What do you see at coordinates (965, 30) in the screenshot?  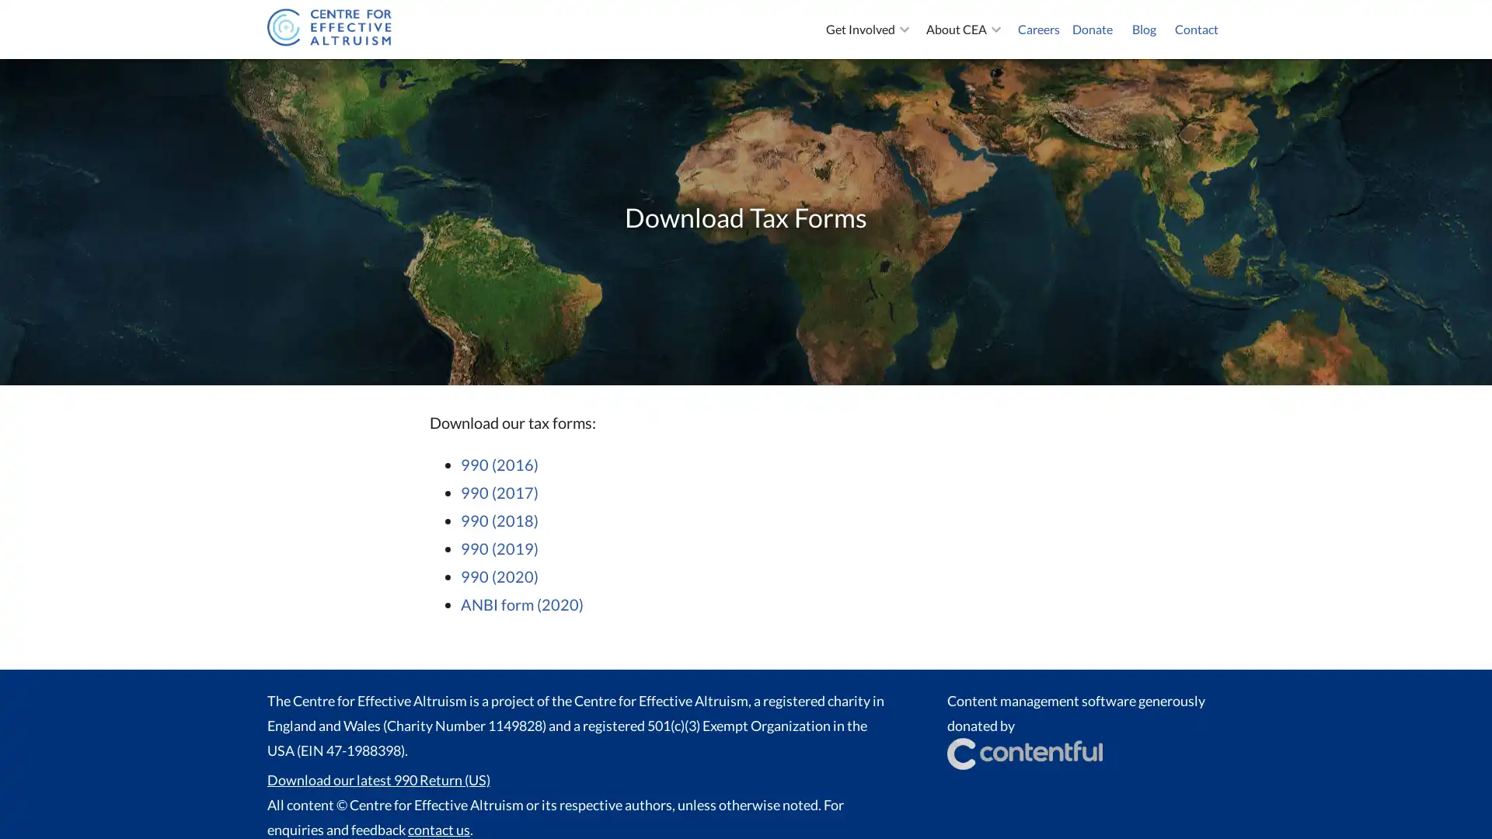 I see `About CEA` at bounding box center [965, 30].